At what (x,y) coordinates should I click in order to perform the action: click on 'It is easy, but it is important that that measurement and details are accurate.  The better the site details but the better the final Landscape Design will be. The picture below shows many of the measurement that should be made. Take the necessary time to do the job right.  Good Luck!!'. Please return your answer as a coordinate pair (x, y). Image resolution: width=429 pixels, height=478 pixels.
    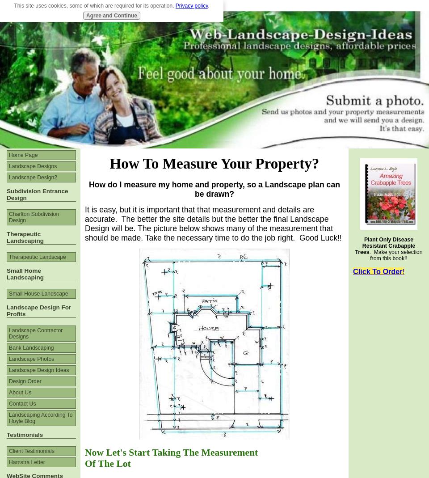
    Looking at the image, I should click on (213, 223).